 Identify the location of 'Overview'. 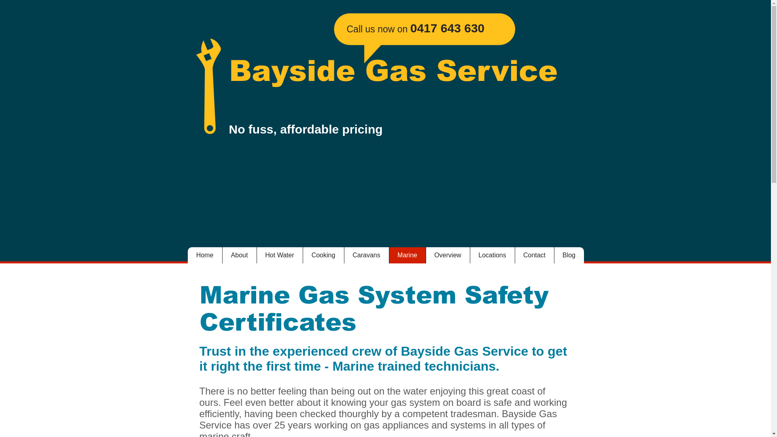
(447, 255).